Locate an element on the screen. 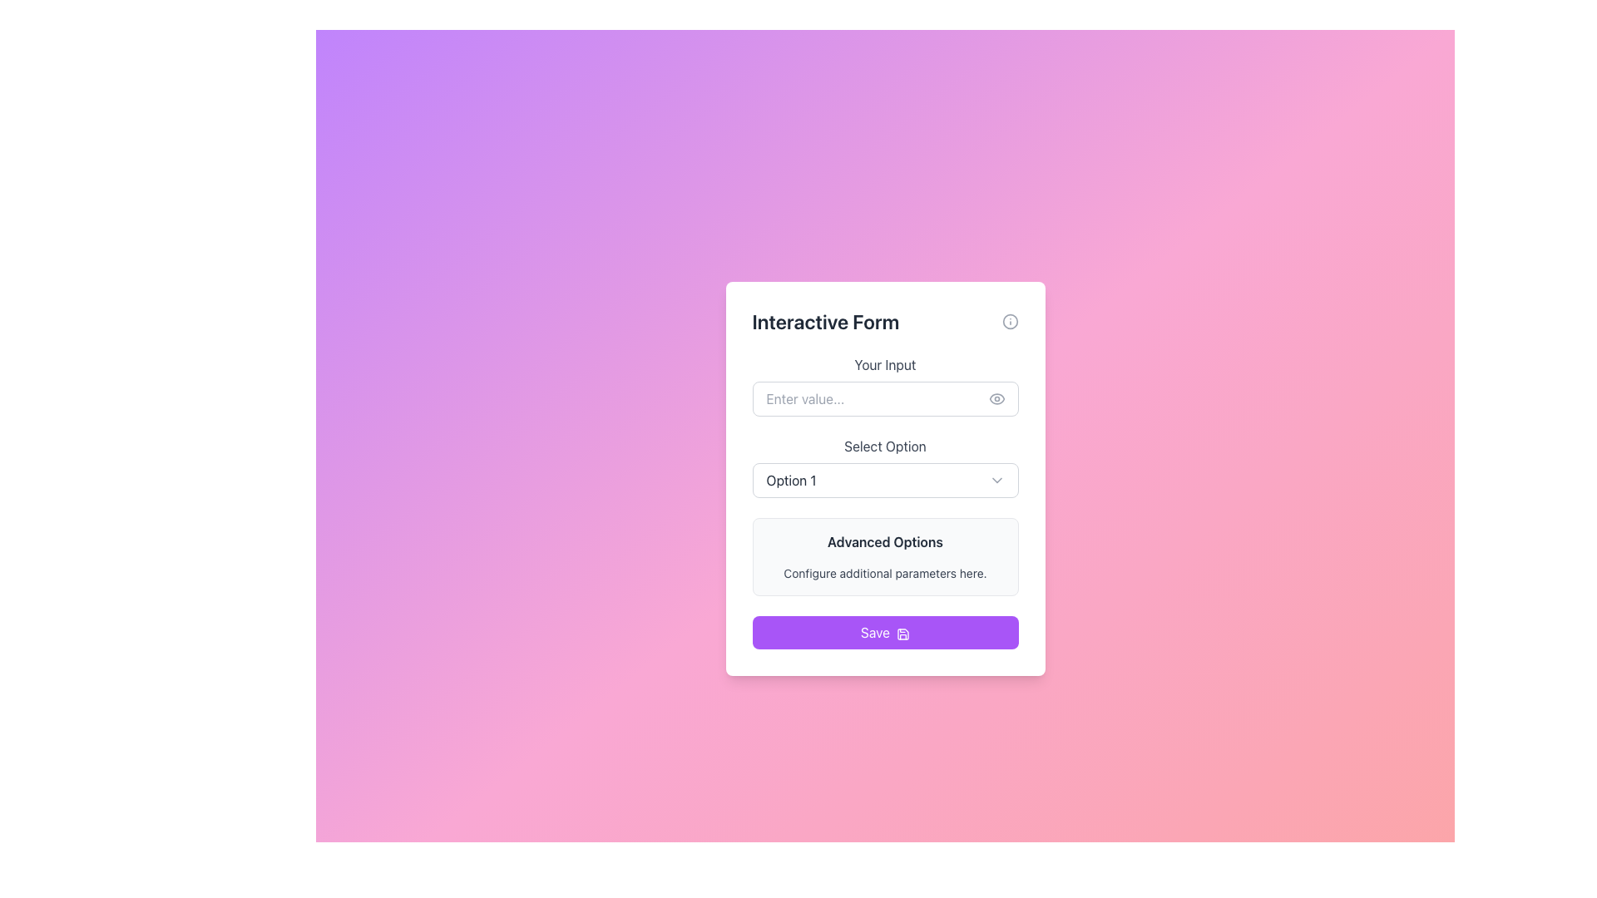  the dropdown menu located below the 'Your Input' field and above the 'Advanced Options' section is located at coordinates (884, 478).